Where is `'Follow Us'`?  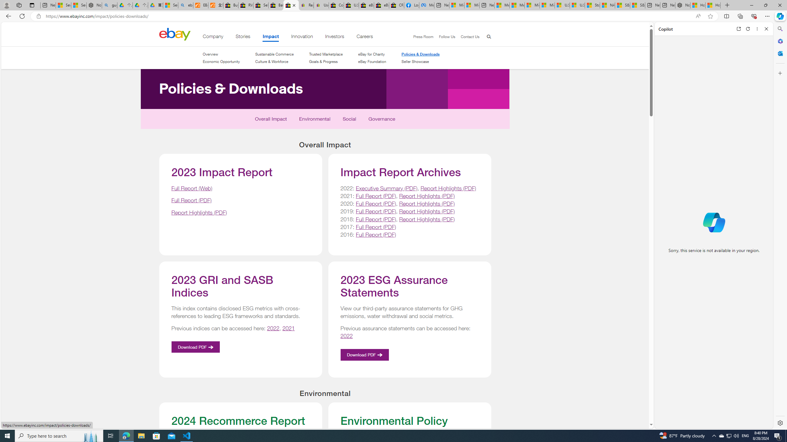
'Follow Us' is located at coordinates (444, 37).